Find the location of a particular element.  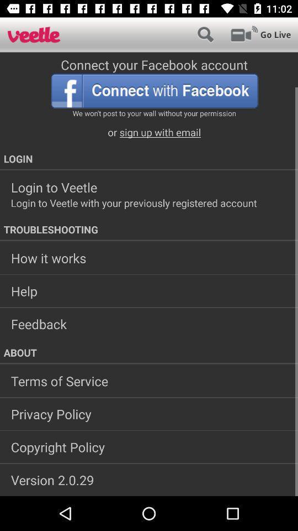

homepage is located at coordinates (34, 34).